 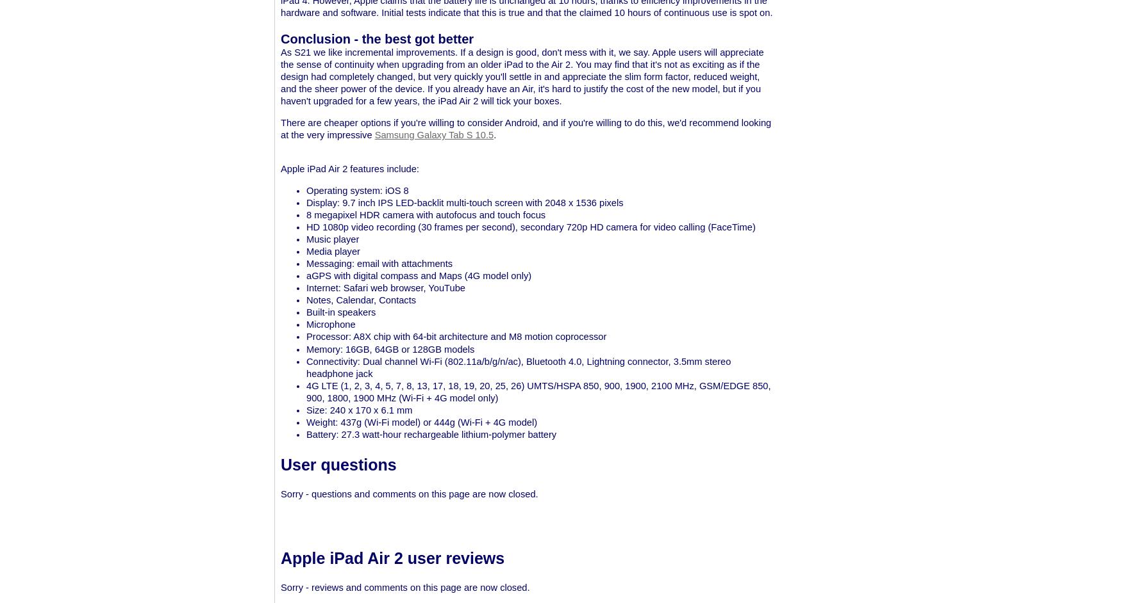 I want to click on 'Weight: 437g (Wi-Fi model) or 444g (Wi-Fi + 4G model)', so click(x=422, y=421).